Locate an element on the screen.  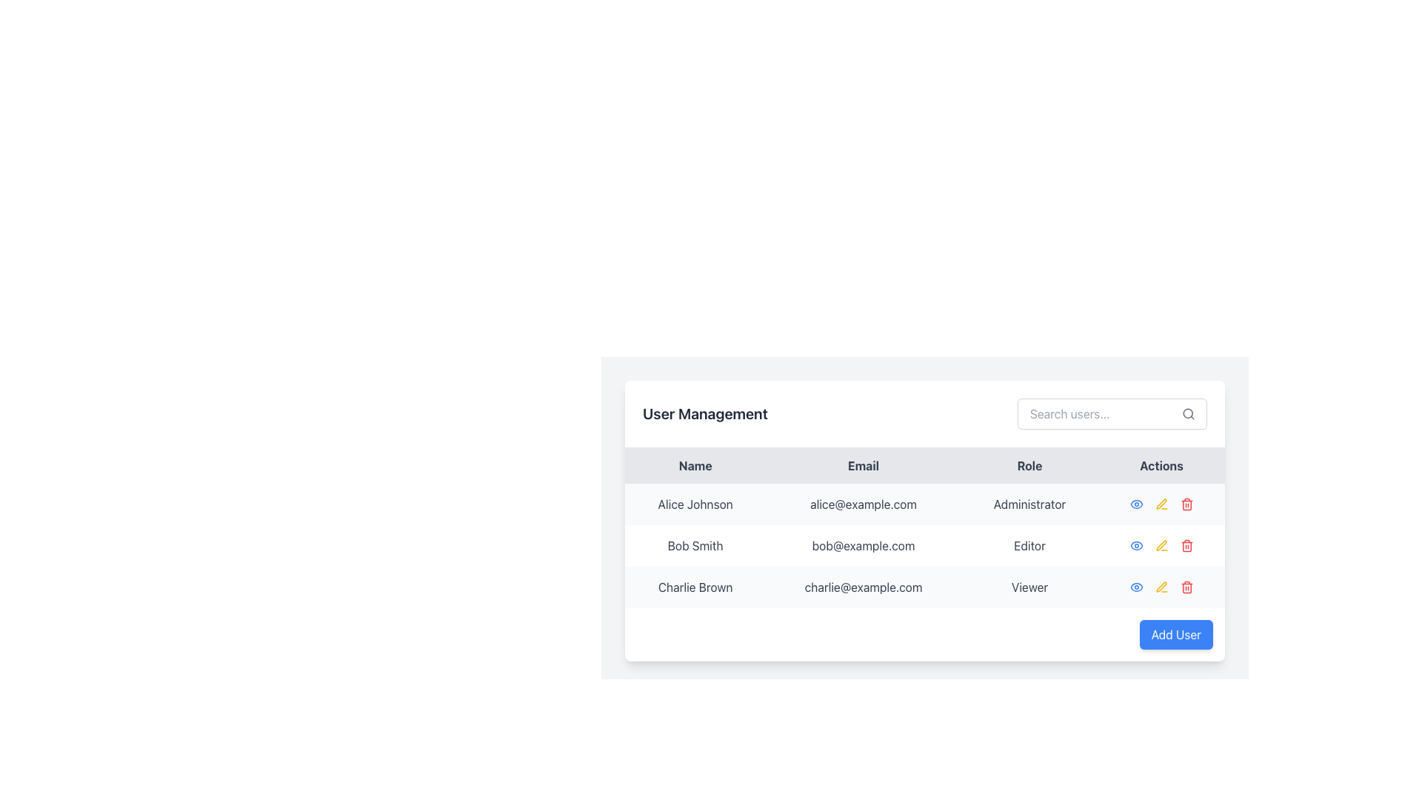
the edit icon in the 'Actions' column for user 'Alice Johnson' is located at coordinates (1161, 503).